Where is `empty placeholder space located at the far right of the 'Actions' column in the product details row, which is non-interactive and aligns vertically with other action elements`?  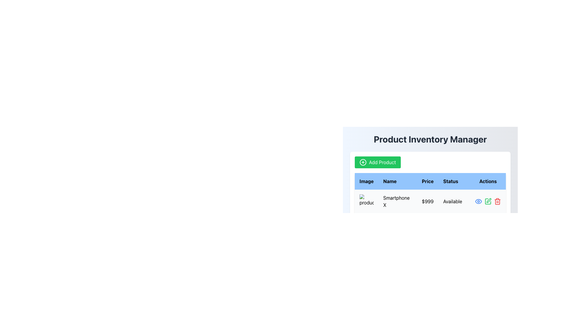 empty placeholder space located at the far right of the 'Actions' column in the product details row, which is non-interactive and aligns vertically with other action elements is located at coordinates (488, 225).